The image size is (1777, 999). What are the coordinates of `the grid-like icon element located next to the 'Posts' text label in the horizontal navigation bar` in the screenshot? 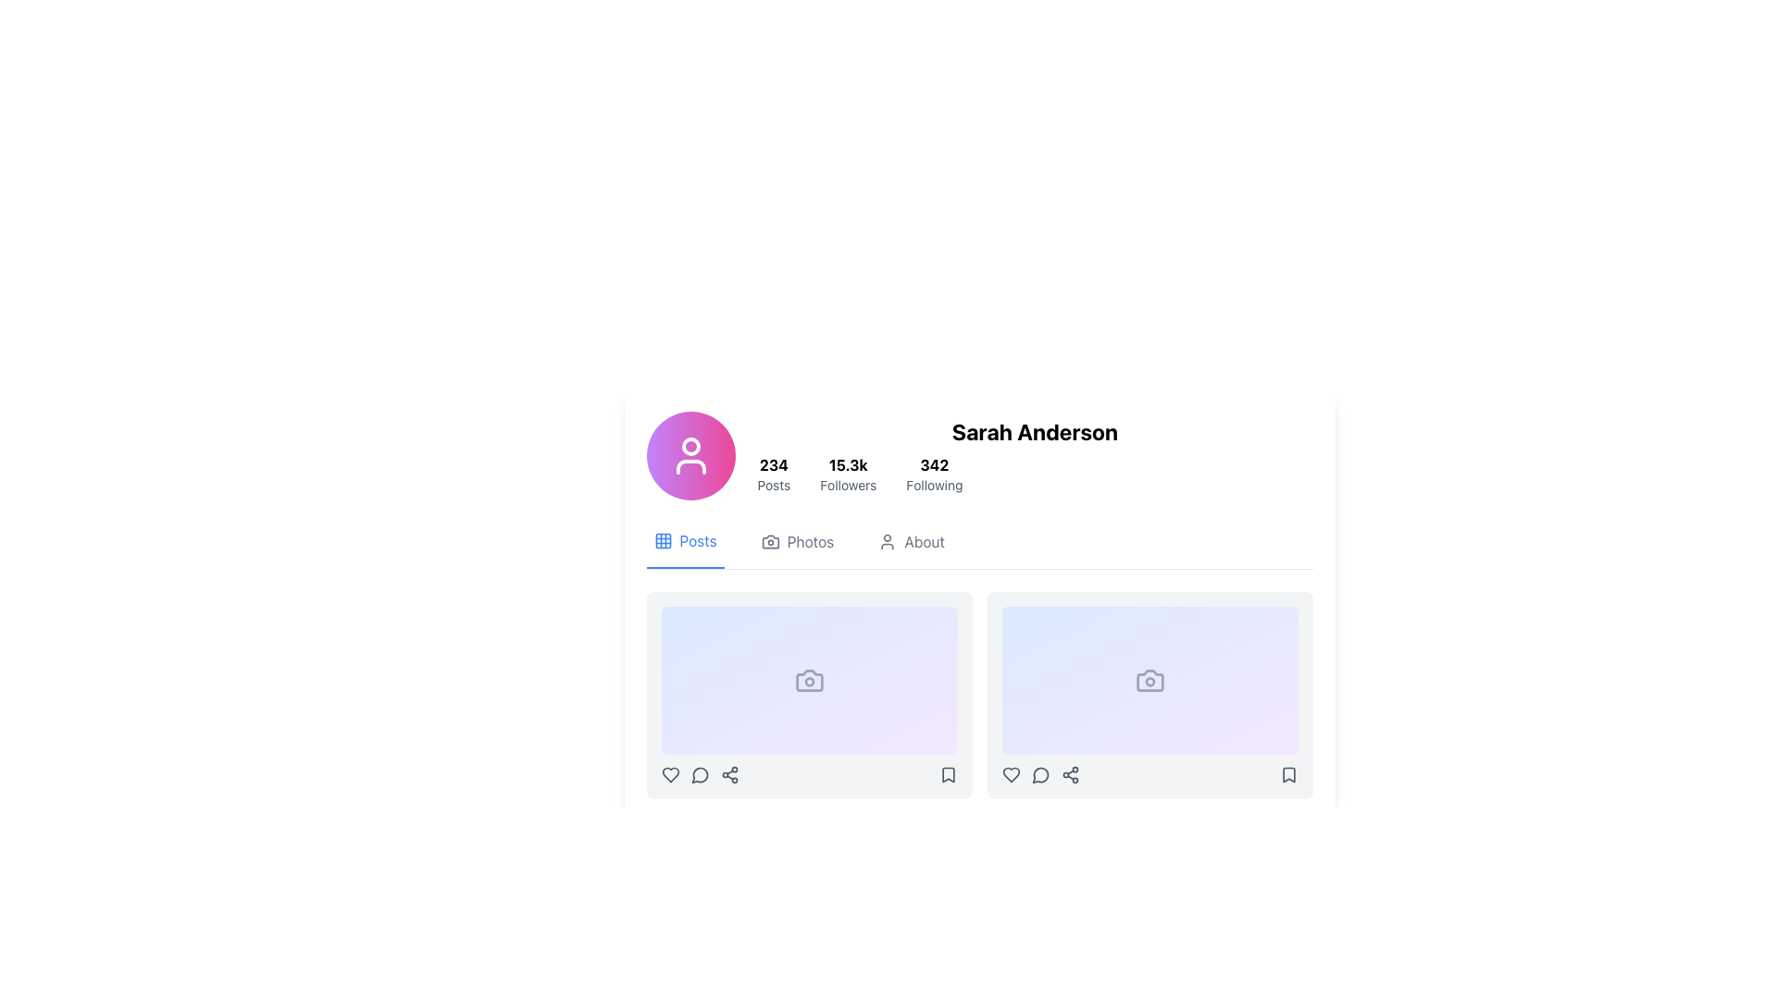 It's located at (663, 541).